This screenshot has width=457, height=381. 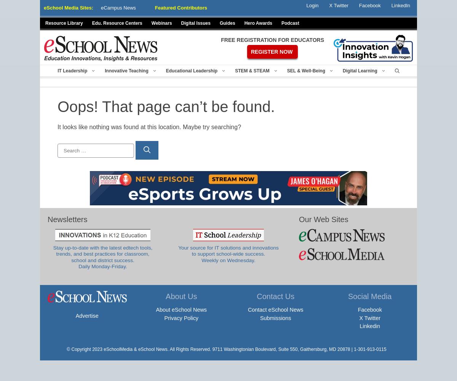 What do you see at coordinates (226, 349) in the screenshot?
I see `'© Copyright 2023 eSchoolMedia & eSchool News. All Rights Reserved. 9711 Washingtonian Boulevard, Suite 550, Gaithersburg, MD 20878 | 1-301-913-0115'` at bounding box center [226, 349].